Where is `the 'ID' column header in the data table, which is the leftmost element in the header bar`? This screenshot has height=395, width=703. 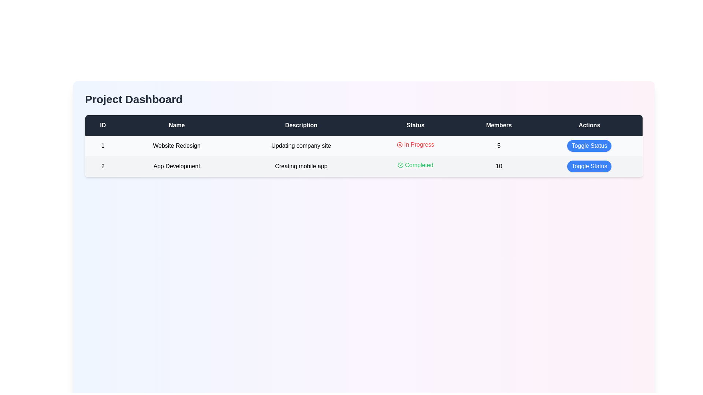 the 'ID' column header in the data table, which is the leftmost element in the header bar is located at coordinates (102, 125).